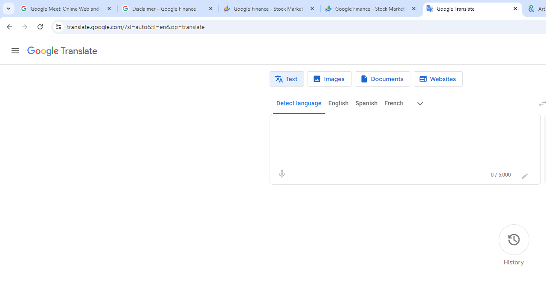  Describe the element at coordinates (382, 79) in the screenshot. I see `'Document translation'` at that location.